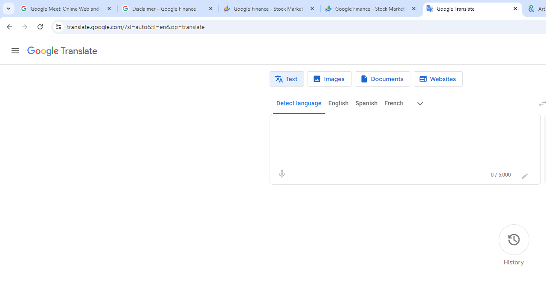  Describe the element at coordinates (382, 79) in the screenshot. I see `'Document translation'` at that location.